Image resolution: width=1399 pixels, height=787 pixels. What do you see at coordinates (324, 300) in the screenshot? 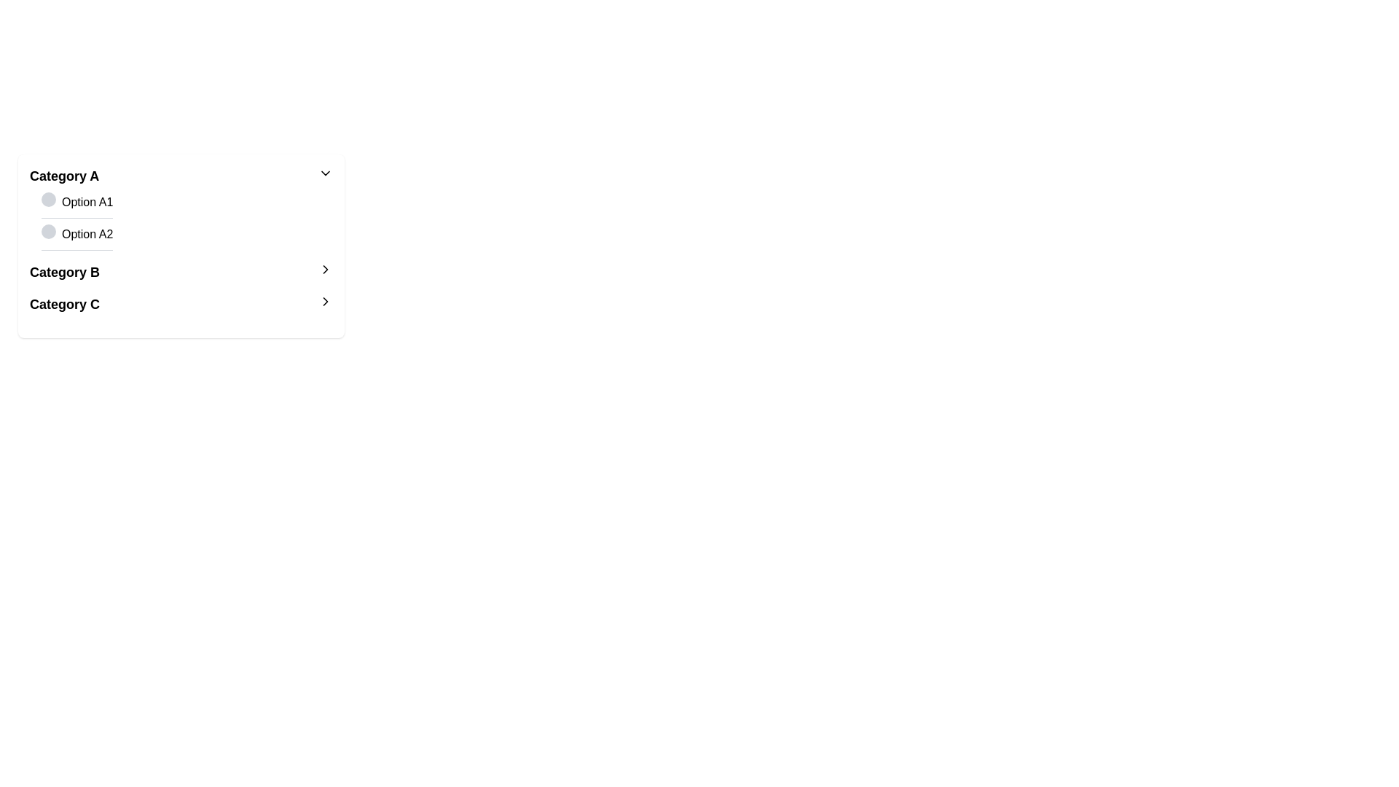
I see `the navigation icon located to the far right of the 'Category C' row` at bounding box center [324, 300].